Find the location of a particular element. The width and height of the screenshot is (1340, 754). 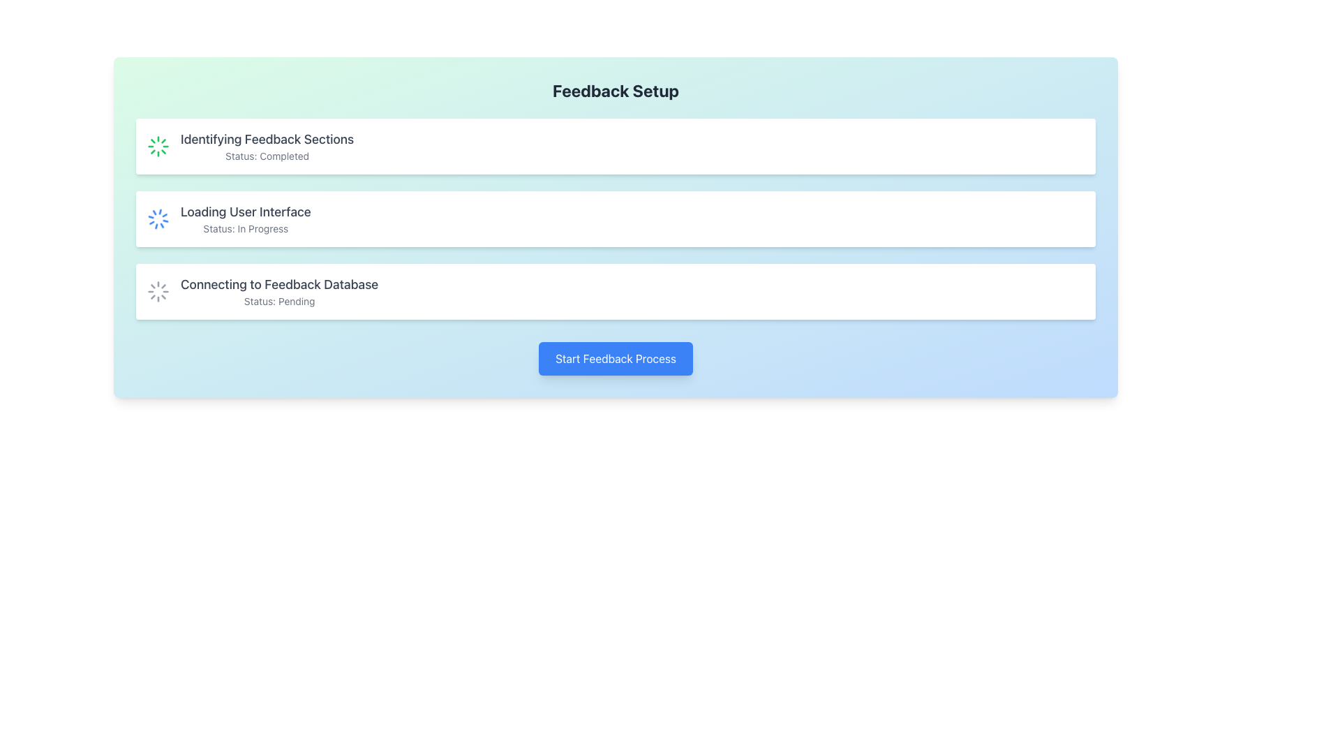

the text label displaying 'Status: Completed' located below the title 'Identifying Feedback Sections' in the topmost card of the list is located at coordinates (267, 156).